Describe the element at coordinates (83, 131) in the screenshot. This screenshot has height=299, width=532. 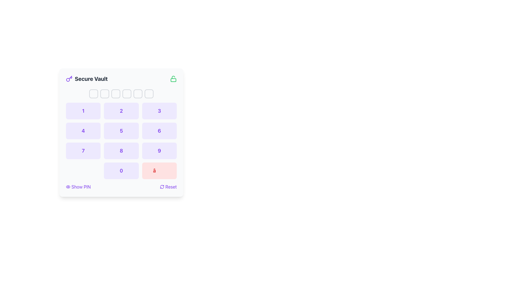
I see `the button with the number '4', which is styled with a rounded rectangle shape and a violet background` at that location.